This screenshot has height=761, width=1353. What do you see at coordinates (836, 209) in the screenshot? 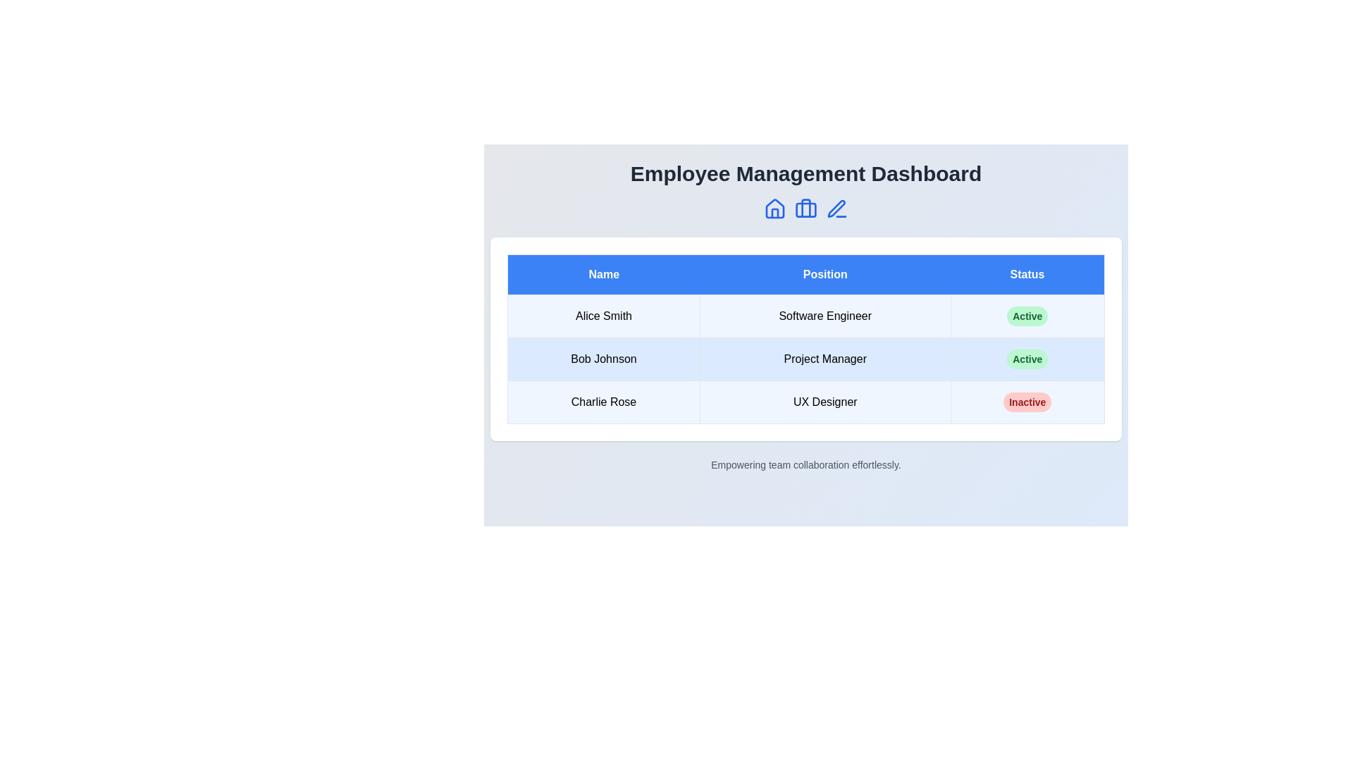
I see `the editing icon resembling a pen in the header section of the Employee Management Dashboard` at bounding box center [836, 209].